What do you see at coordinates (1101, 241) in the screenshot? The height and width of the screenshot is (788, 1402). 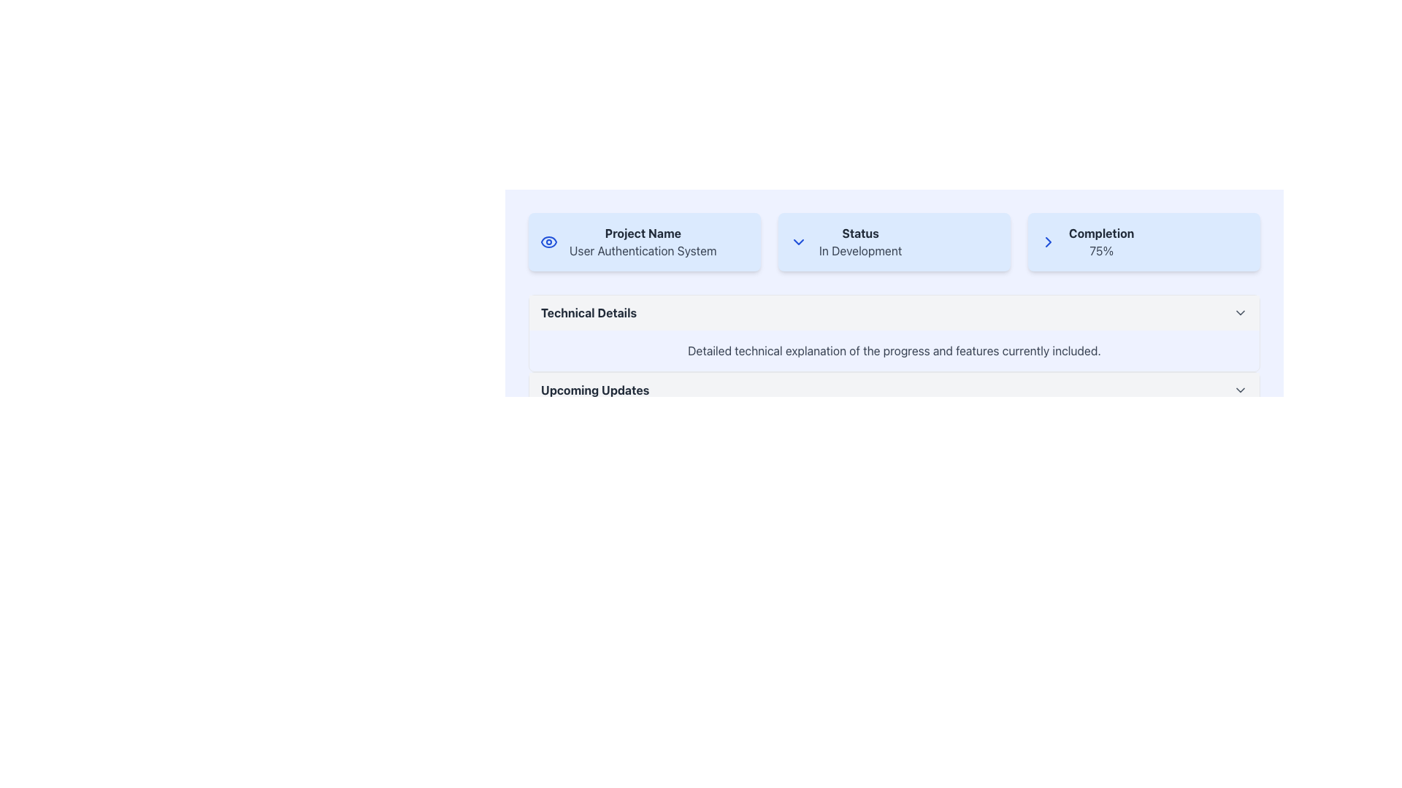 I see `the 'Completion' label displaying '75%' in the rightmost card at the top of the interface` at bounding box center [1101, 241].